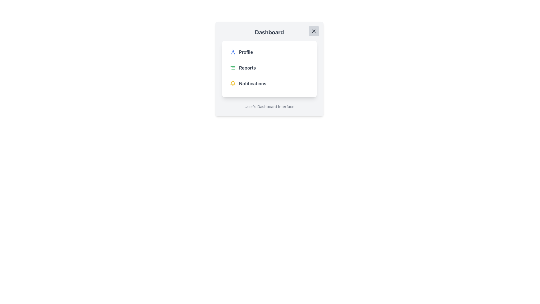 This screenshot has height=304, width=540. What do you see at coordinates (247, 67) in the screenshot?
I see `the 'Reports' text label located within the 'Dashboard' menu` at bounding box center [247, 67].